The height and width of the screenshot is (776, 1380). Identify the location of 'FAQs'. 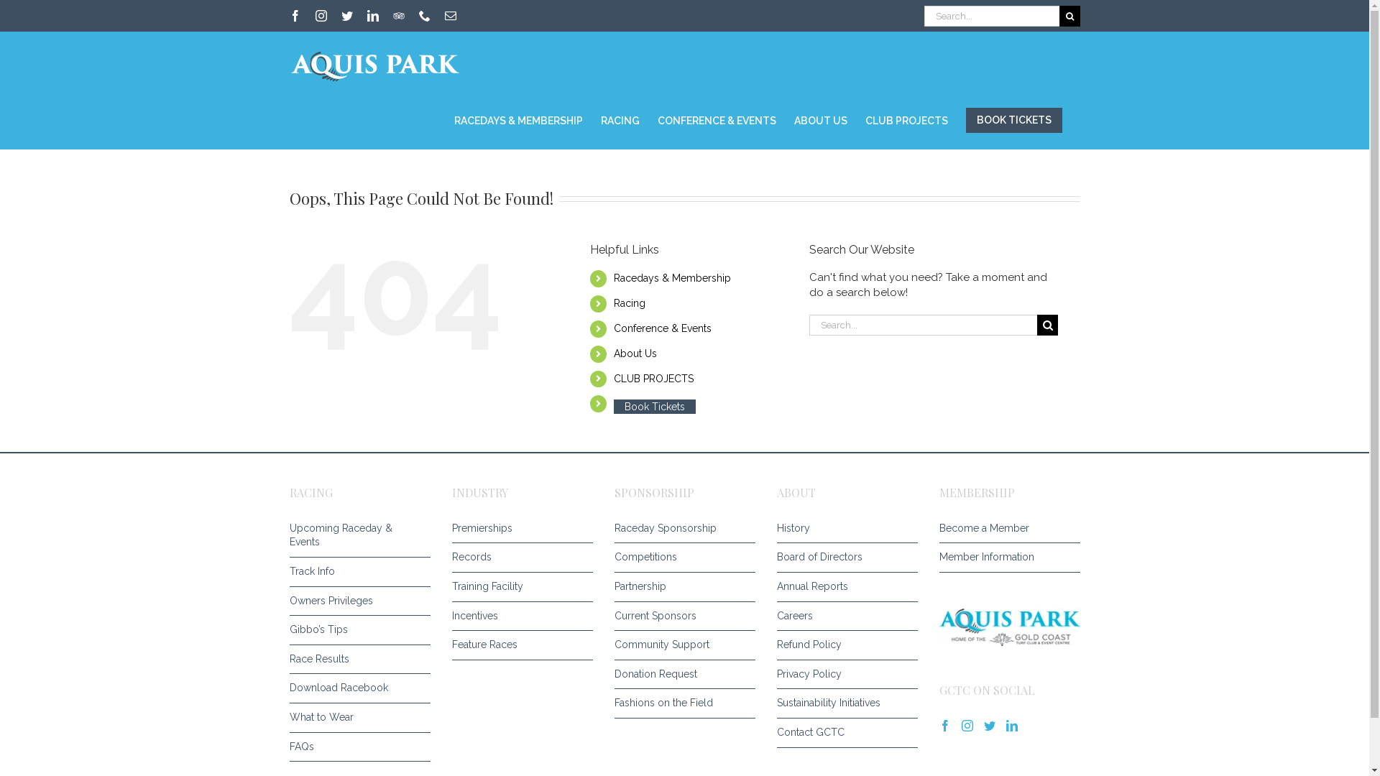
(288, 747).